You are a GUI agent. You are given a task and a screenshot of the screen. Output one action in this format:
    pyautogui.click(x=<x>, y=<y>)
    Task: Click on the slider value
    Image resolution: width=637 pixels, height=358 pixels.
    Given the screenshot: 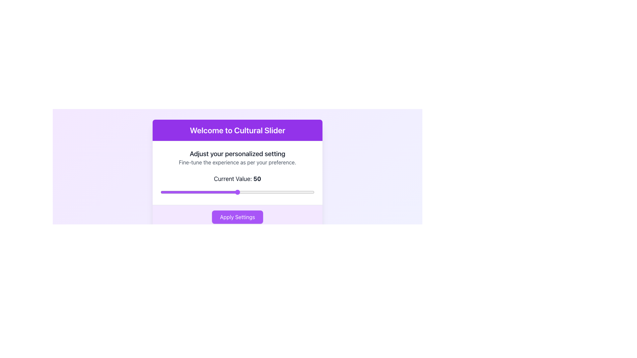 What is the action you would take?
    pyautogui.click(x=293, y=192)
    